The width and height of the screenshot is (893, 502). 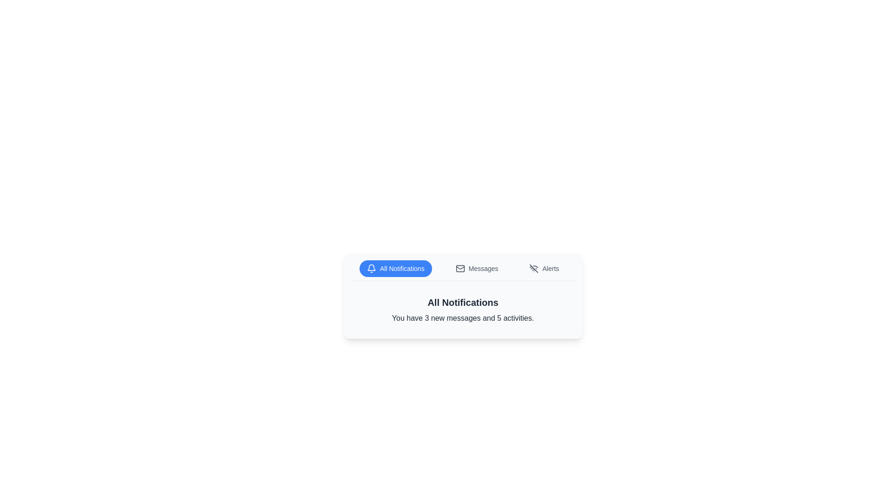 What do you see at coordinates (551, 269) in the screenshot?
I see `the 'Alerts' label, which signifies the 'Alerts' section within the user interface, located adjacent to the muted bell icon` at bounding box center [551, 269].